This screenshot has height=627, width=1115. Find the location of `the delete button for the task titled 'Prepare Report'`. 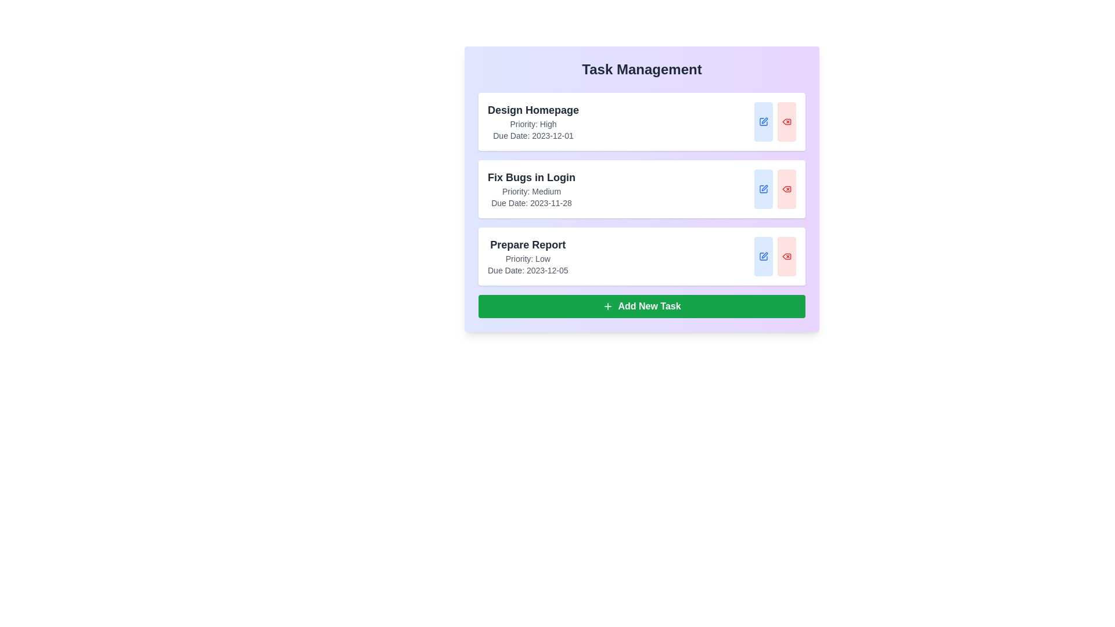

the delete button for the task titled 'Prepare Report' is located at coordinates (786, 256).